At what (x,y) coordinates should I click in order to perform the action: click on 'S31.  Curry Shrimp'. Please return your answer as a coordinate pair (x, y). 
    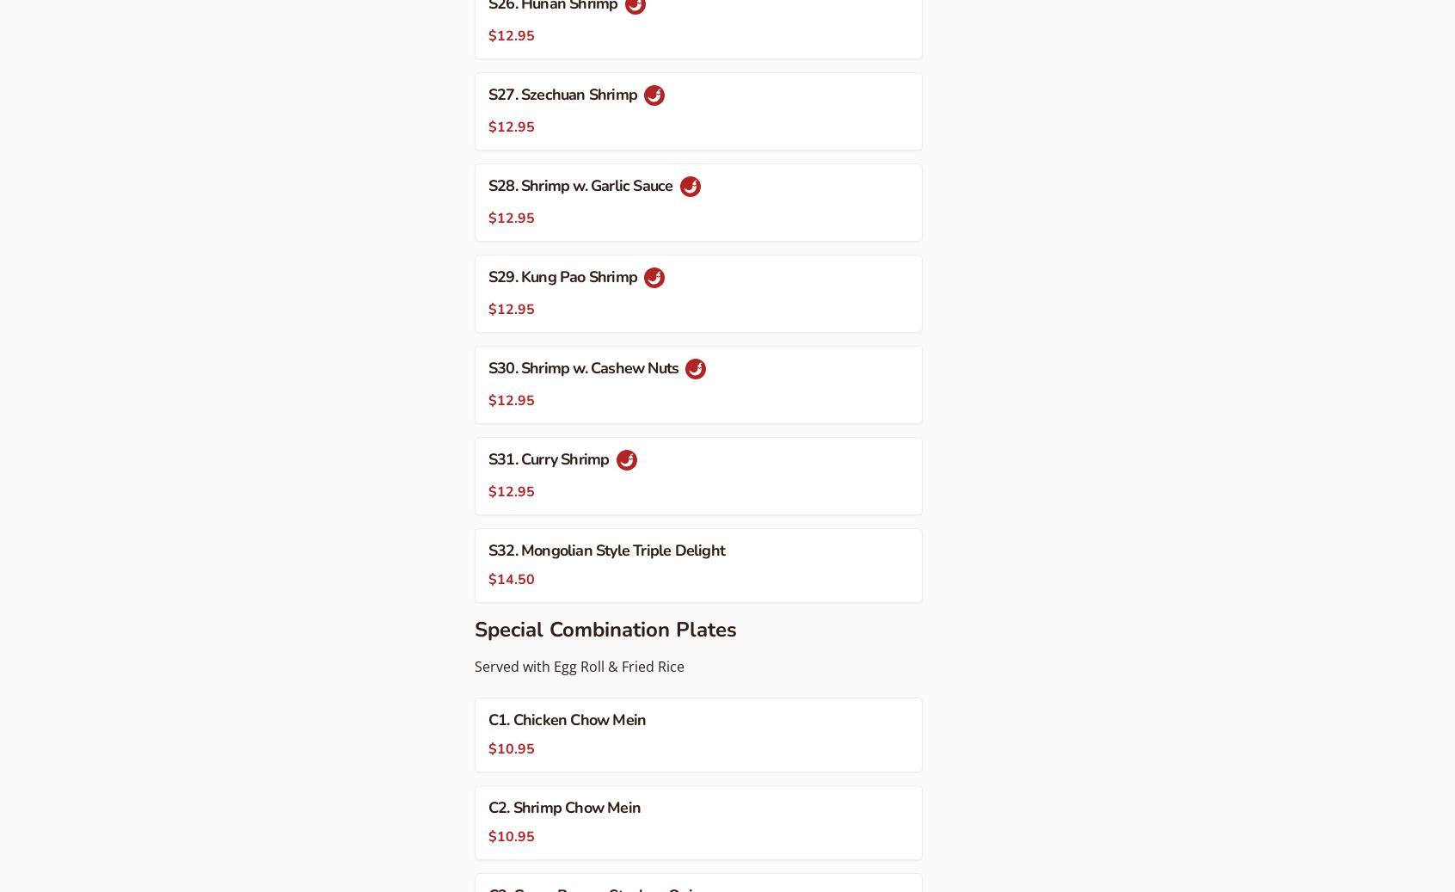
    Looking at the image, I should click on (550, 458).